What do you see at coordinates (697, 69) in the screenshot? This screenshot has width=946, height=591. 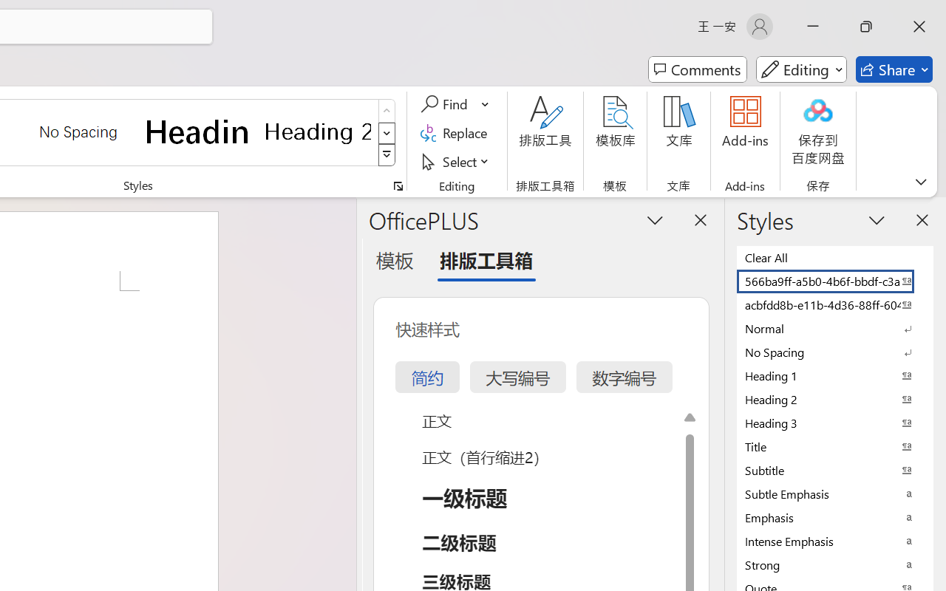 I see `'Comments'` at bounding box center [697, 69].